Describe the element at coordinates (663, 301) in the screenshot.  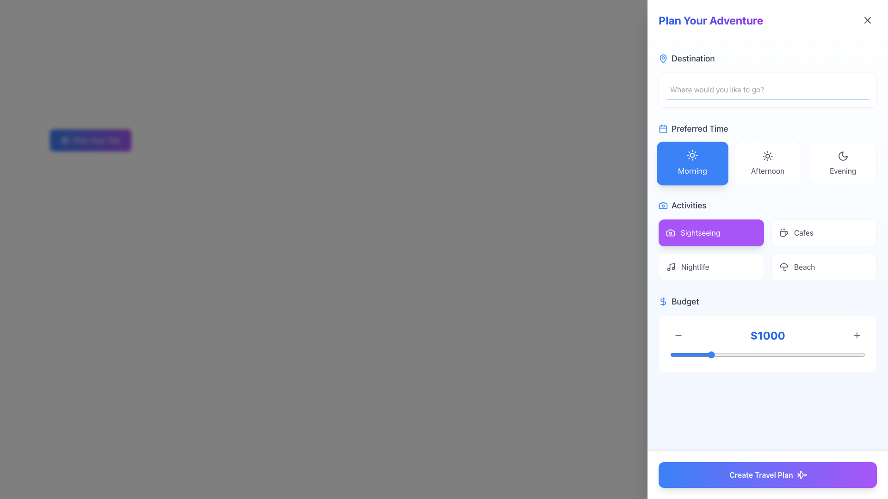
I see `the blue dollar sign icon, which is styled with a circular stroke and located to the left of the 'Budget' text in the lower sidebar region of the interface` at that location.